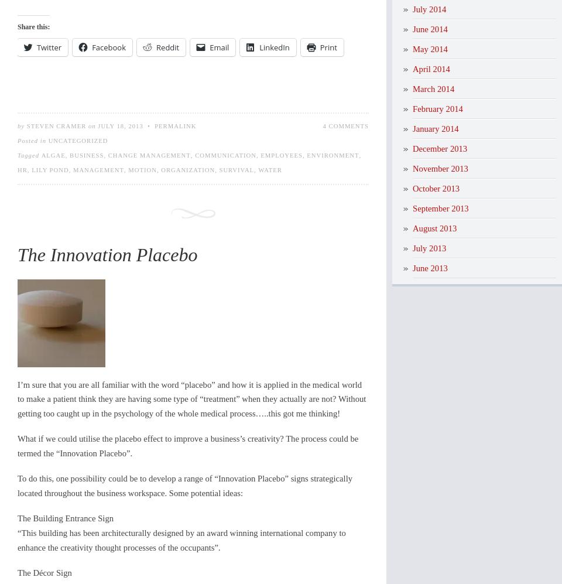 The image size is (562, 584). What do you see at coordinates (440, 207) in the screenshot?
I see `'September 2013'` at bounding box center [440, 207].